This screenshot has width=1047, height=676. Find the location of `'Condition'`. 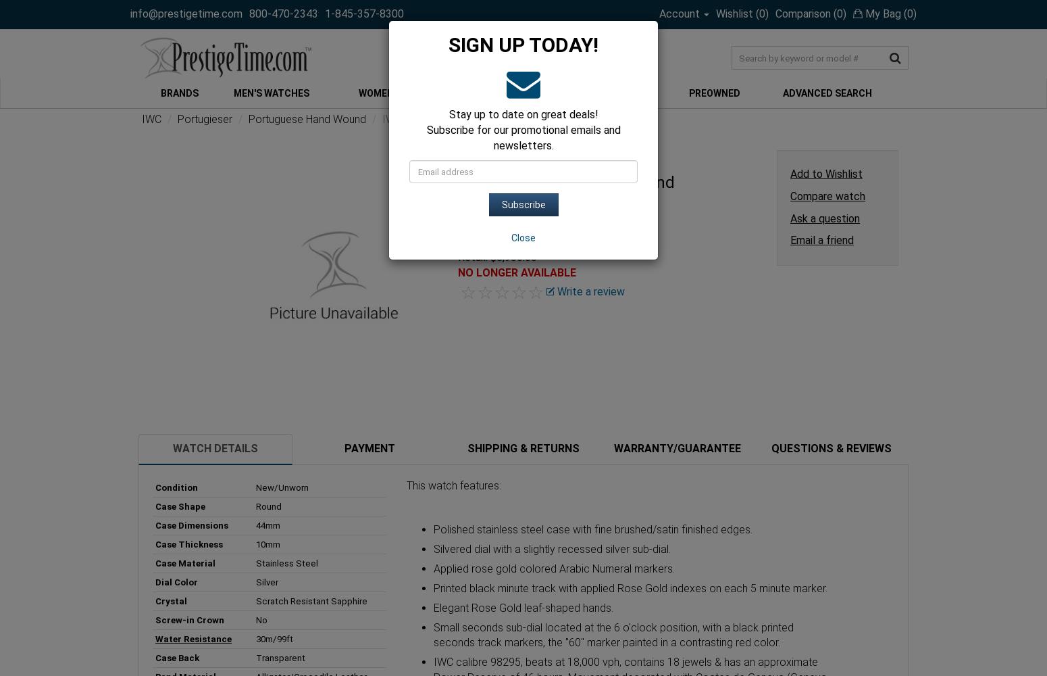

'Condition' is located at coordinates (176, 486).